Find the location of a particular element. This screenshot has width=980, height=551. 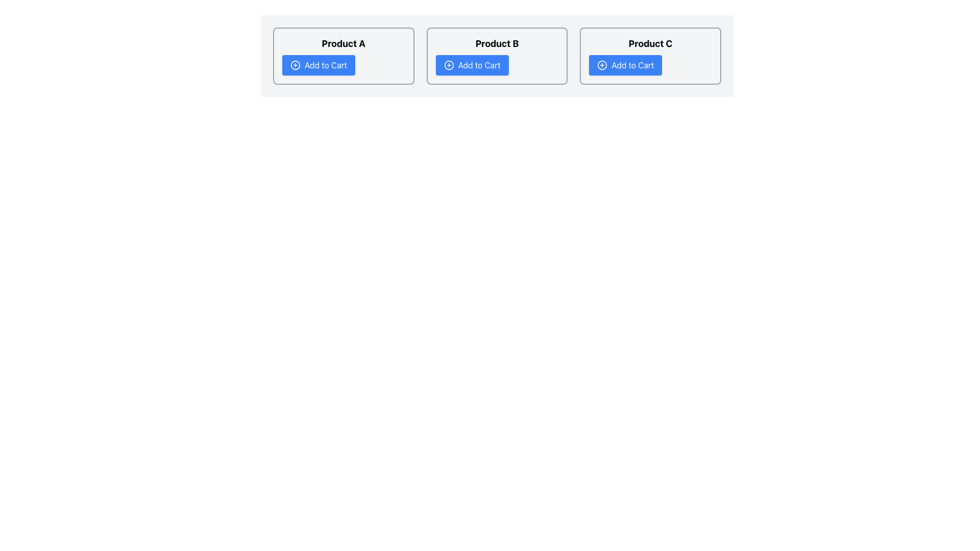

the circular icon located at the center of the 'Add to Cart' button for Product B, which is the middle product in a grid of three is located at coordinates (449, 65).